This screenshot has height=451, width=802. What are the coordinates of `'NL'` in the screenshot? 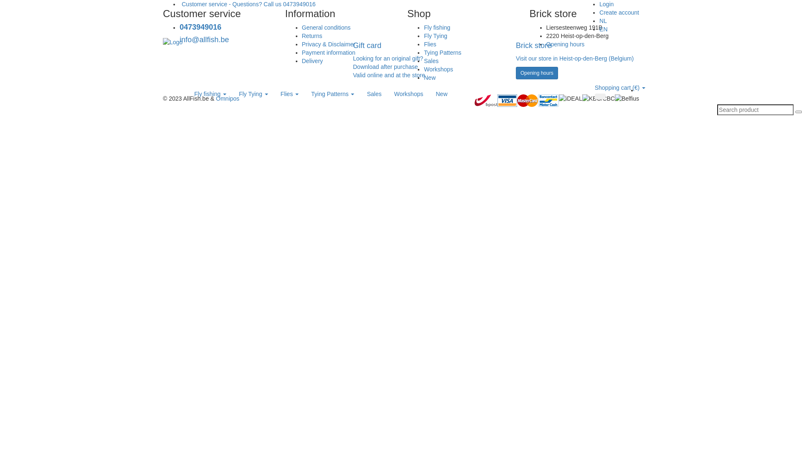 It's located at (603, 20).